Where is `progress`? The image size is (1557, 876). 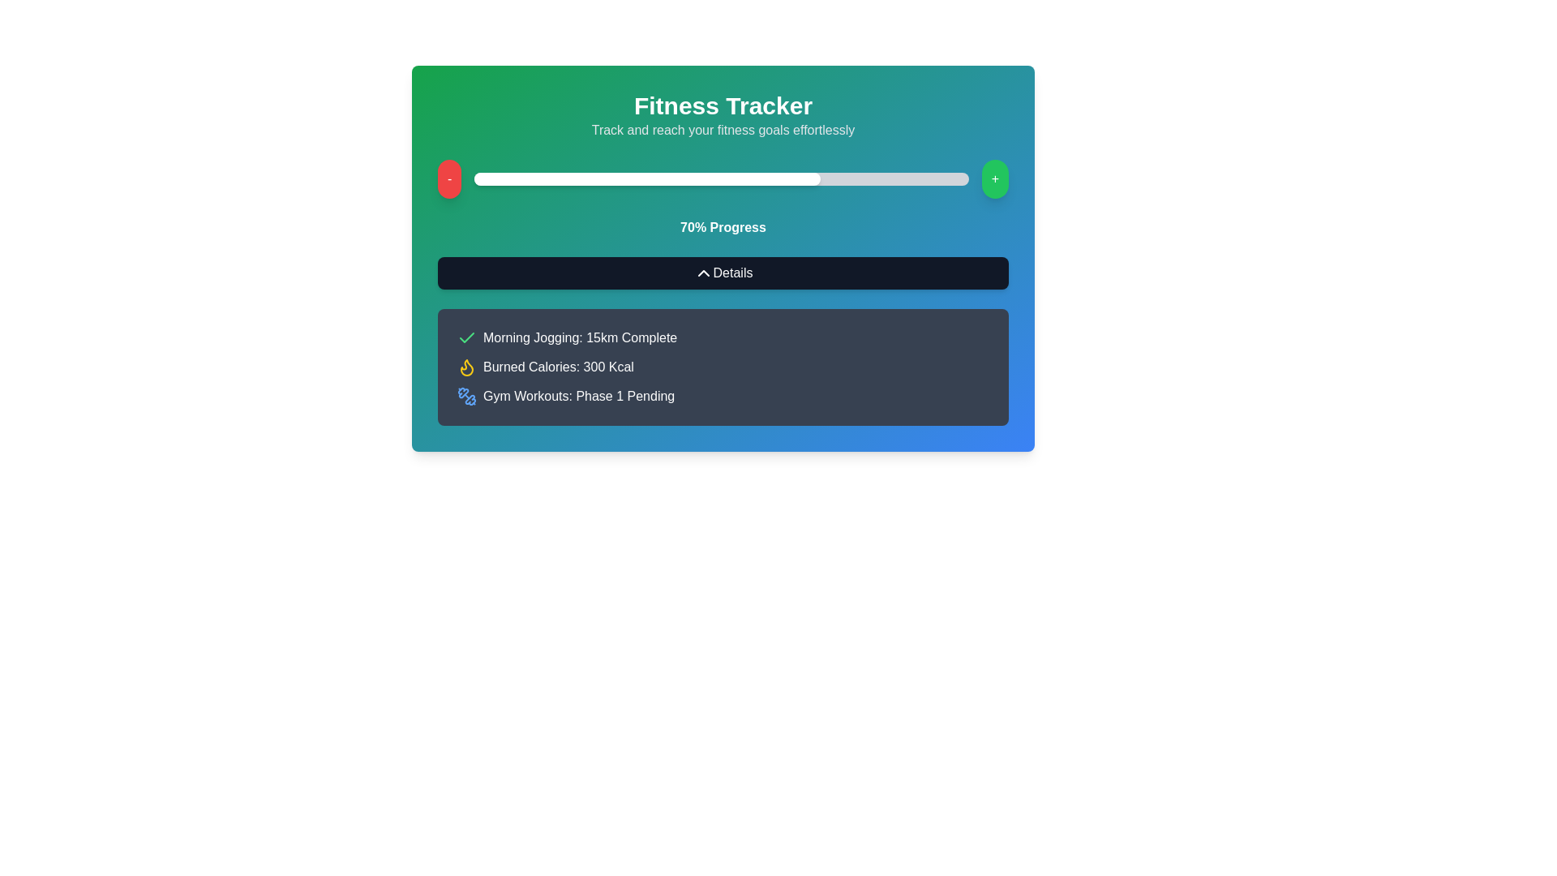
progress is located at coordinates (558, 178).